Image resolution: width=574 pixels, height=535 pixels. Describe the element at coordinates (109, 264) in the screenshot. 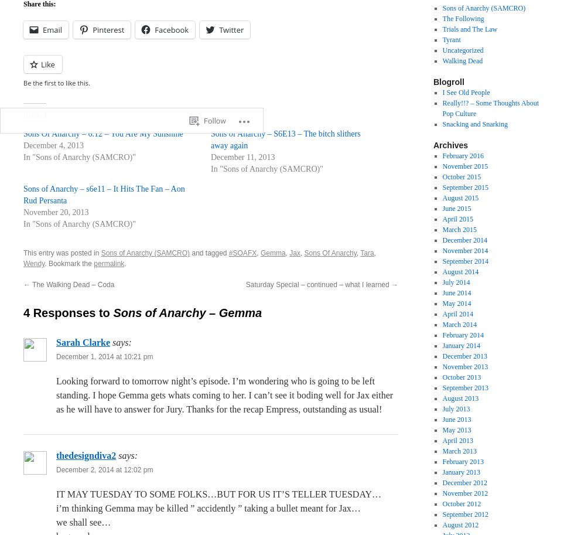

I see `'permalink'` at that location.